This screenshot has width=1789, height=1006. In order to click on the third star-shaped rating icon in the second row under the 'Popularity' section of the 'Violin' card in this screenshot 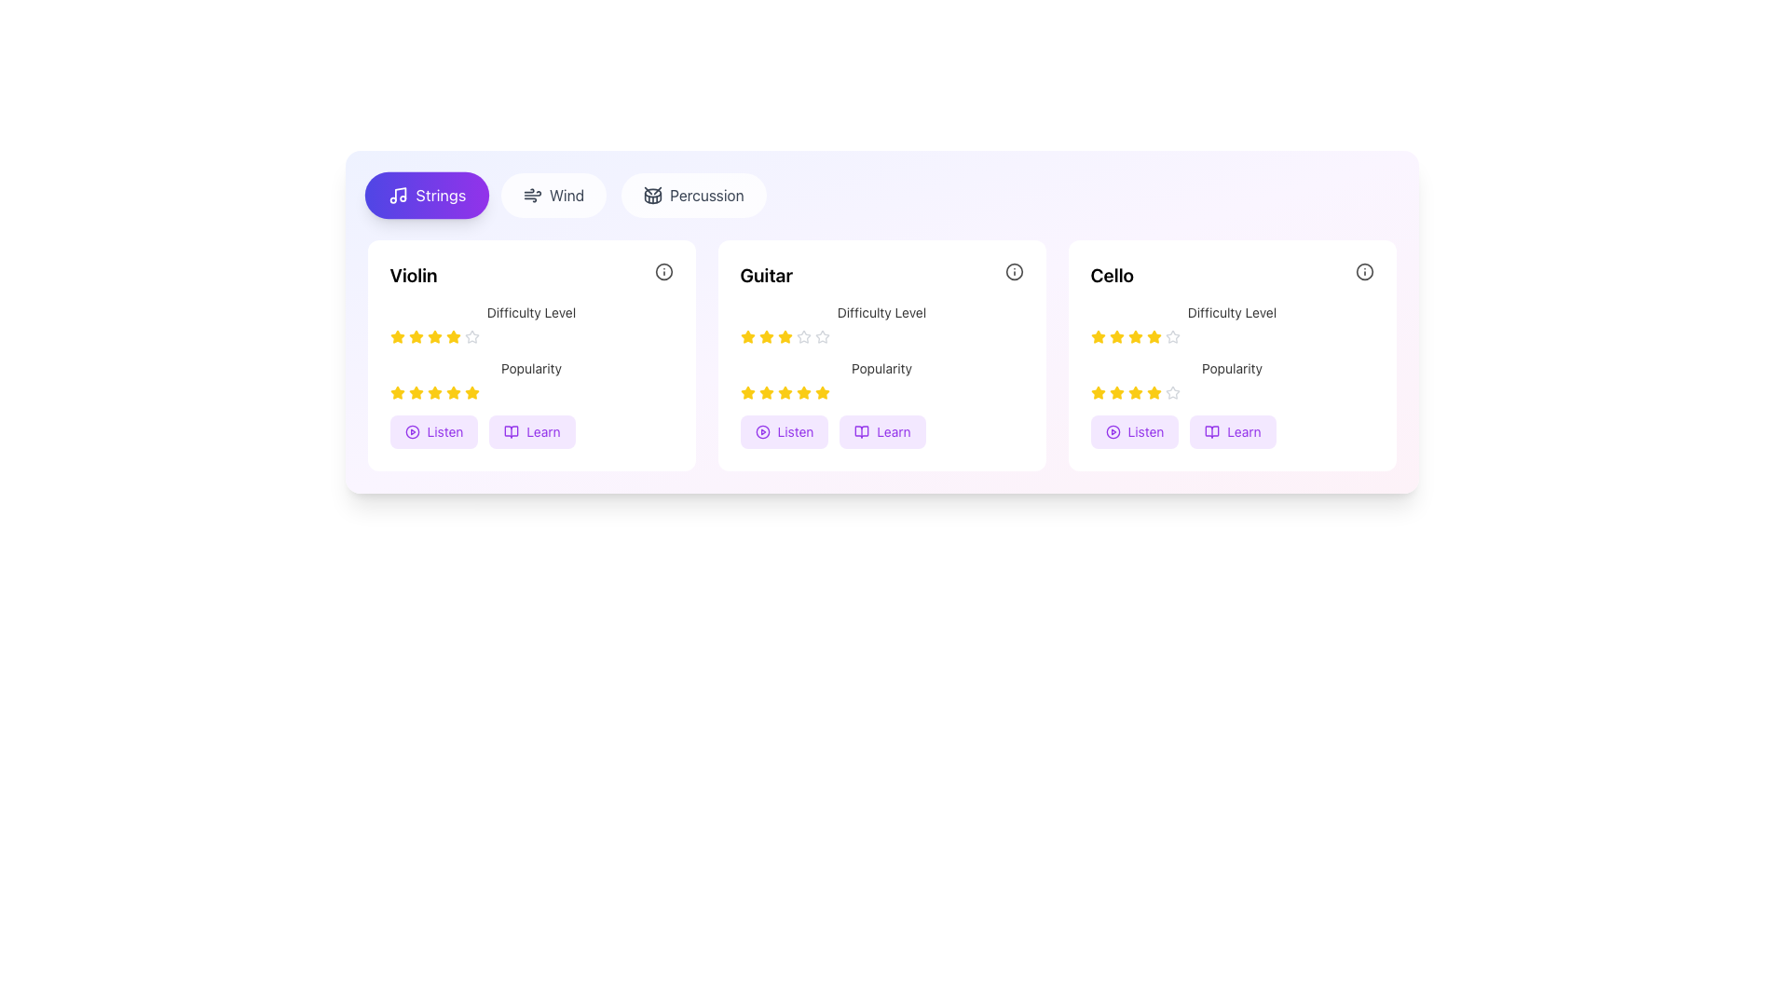, I will do `click(433, 391)`.